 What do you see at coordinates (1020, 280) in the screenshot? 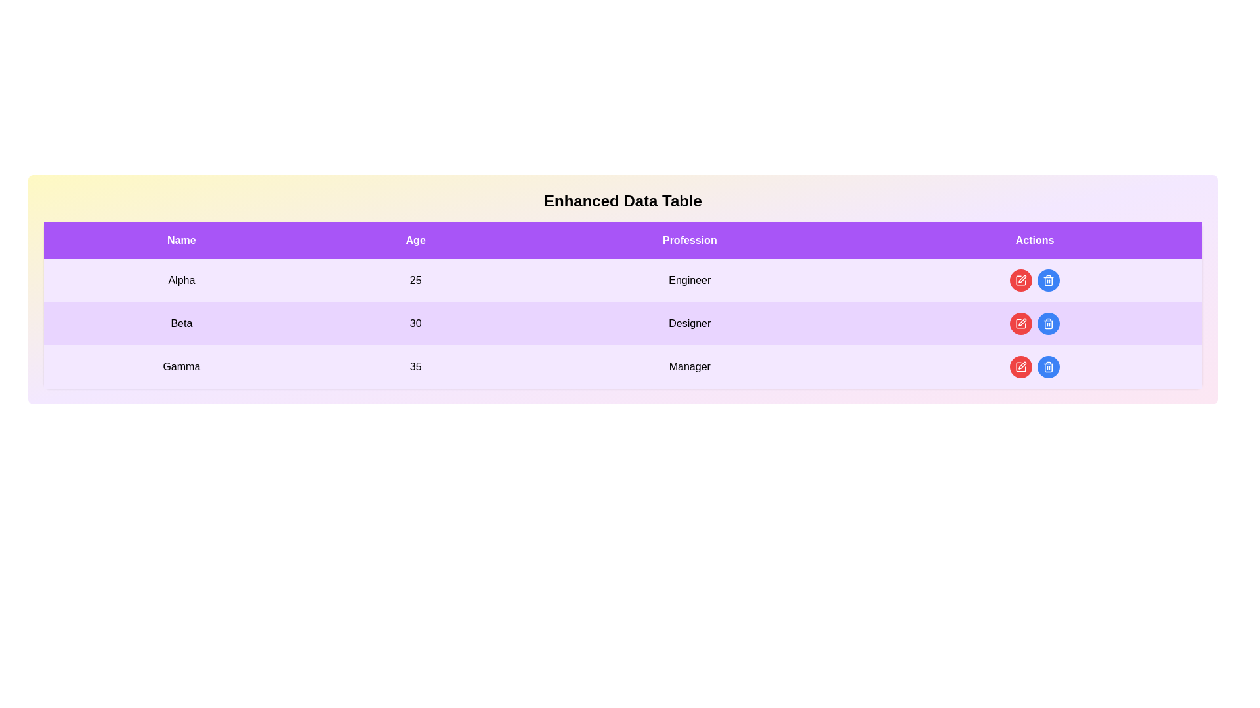
I see `edit button for the entry with name Alpha` at bounding box center [1020, 280].